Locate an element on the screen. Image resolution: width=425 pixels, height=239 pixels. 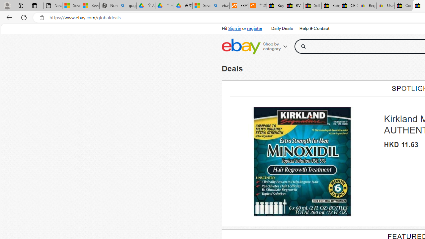
'eBay Home' is located at coordinates (240, 46).